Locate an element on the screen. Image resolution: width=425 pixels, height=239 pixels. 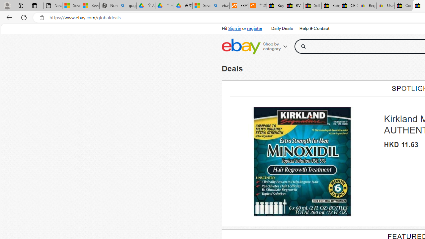
'eBay Home' is located at coordinates (240, 46).